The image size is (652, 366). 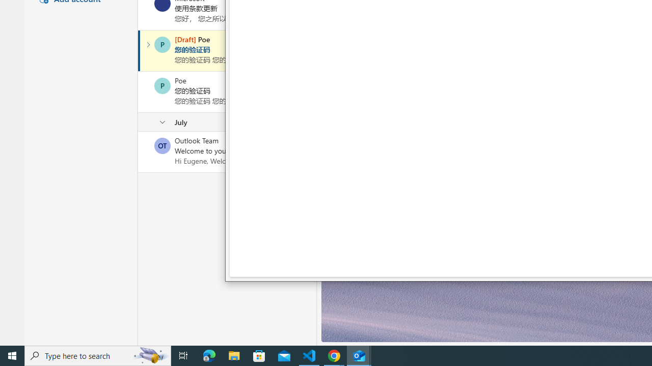 I want to click on 'Outlook (new) - 2 running windows', so click(x=359, y=355).